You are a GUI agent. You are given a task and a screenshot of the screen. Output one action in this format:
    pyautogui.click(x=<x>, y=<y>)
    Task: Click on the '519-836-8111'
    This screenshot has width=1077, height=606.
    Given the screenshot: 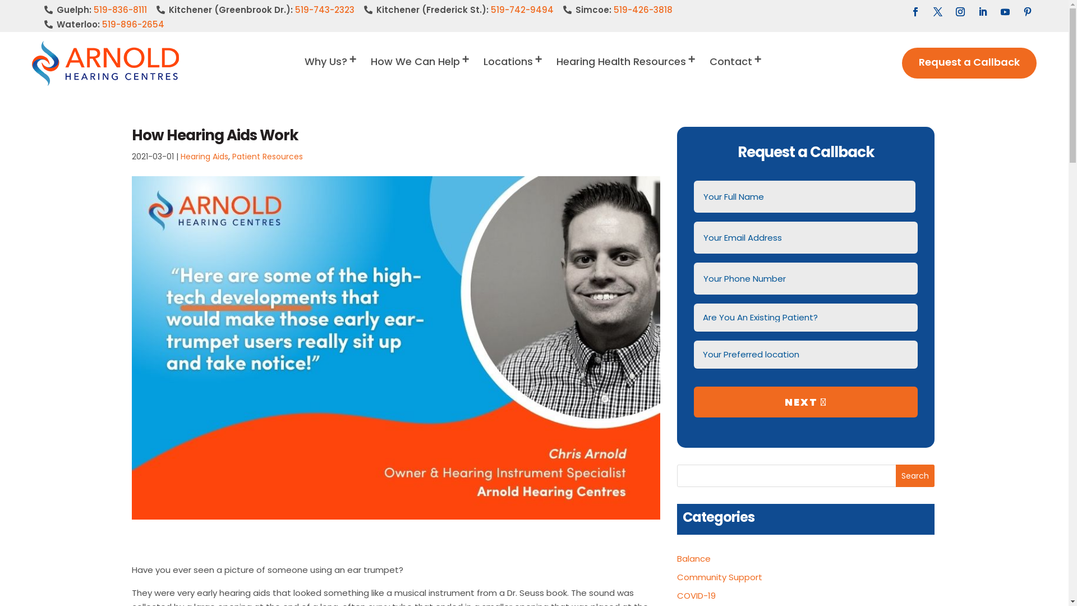 What is the action you would take?
    pyautogui.click(x=94, y=10)
    